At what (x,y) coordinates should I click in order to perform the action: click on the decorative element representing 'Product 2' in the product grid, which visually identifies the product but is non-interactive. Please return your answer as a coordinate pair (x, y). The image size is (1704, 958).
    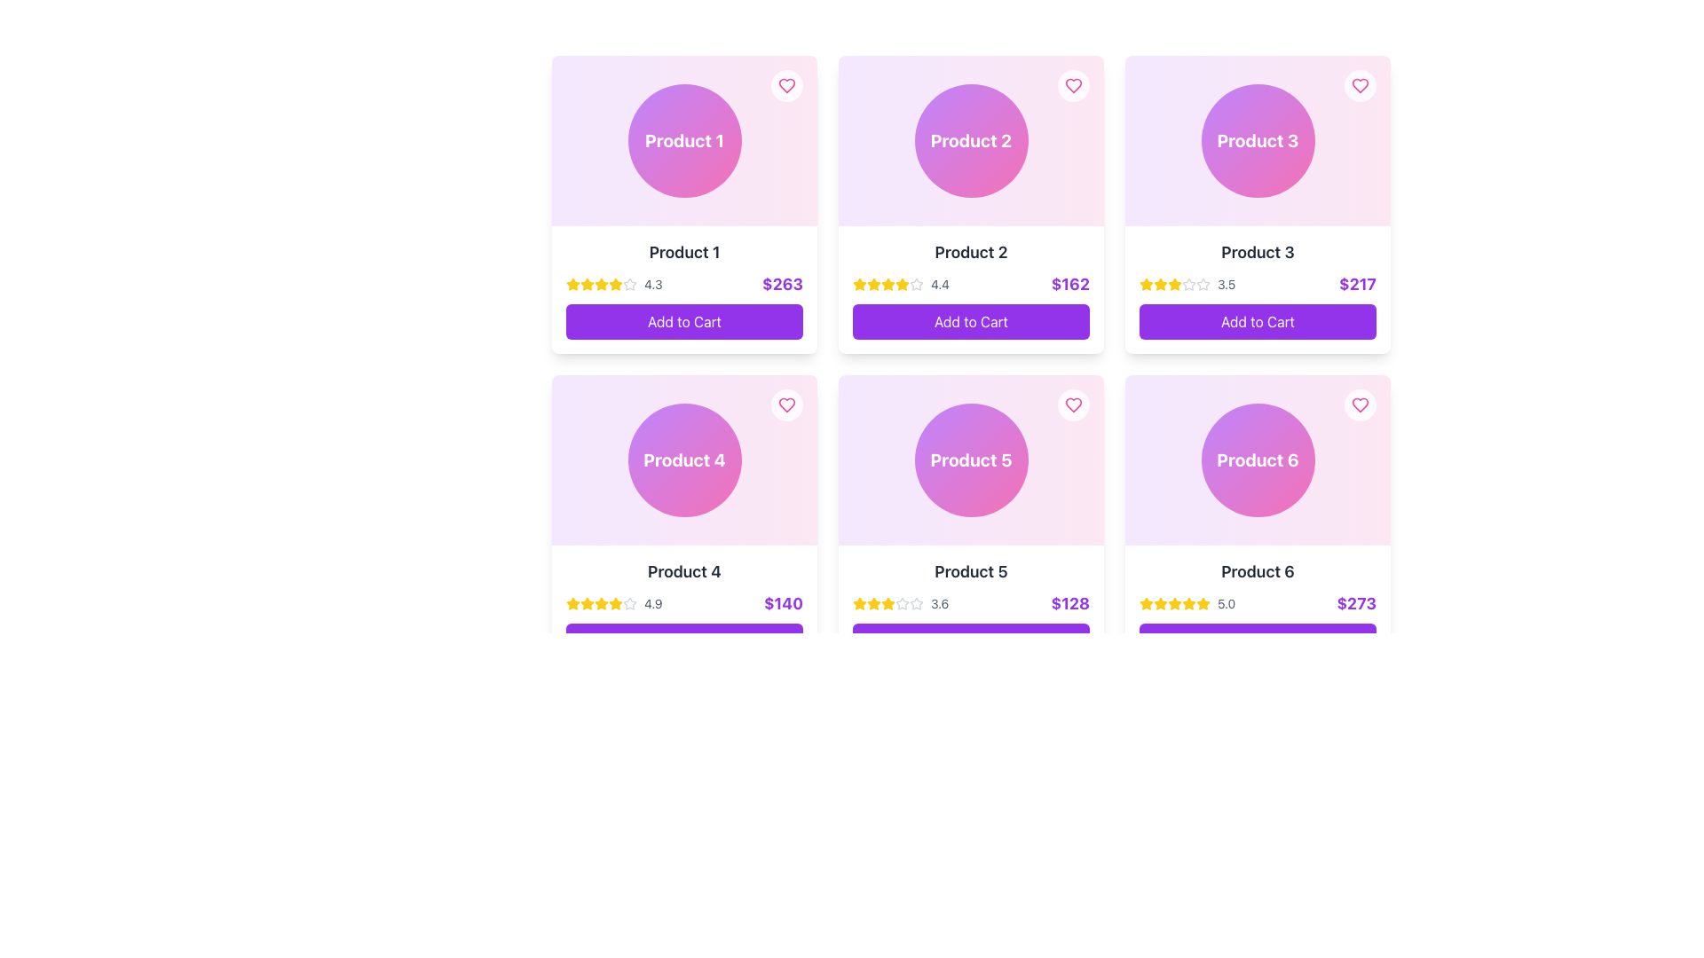
    Looking at the image, I should click on (970, 139).